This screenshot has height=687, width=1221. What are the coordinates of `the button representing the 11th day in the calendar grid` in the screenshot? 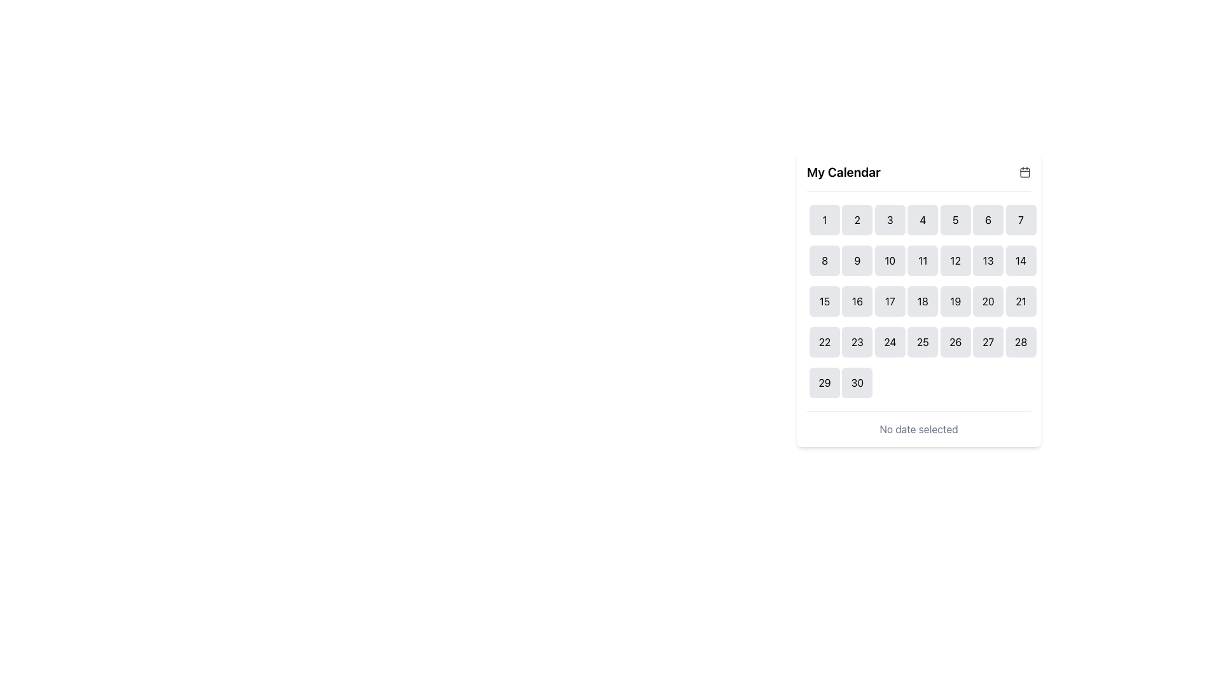 It's located at (923, 260).